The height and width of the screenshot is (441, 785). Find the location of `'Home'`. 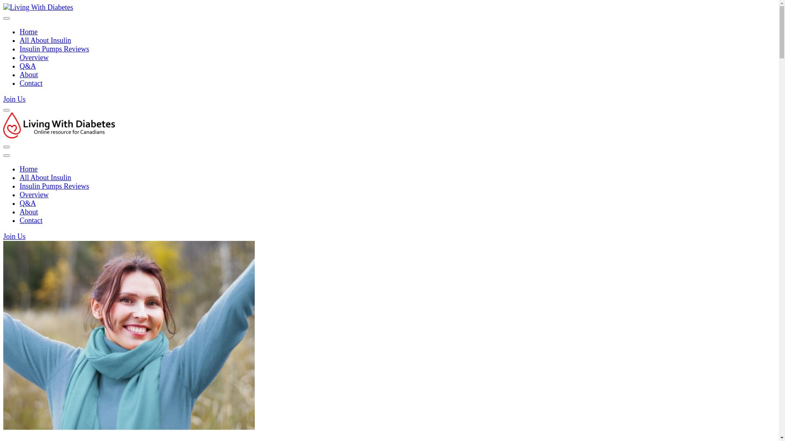

'Home' is located at coordinates (20, 31).